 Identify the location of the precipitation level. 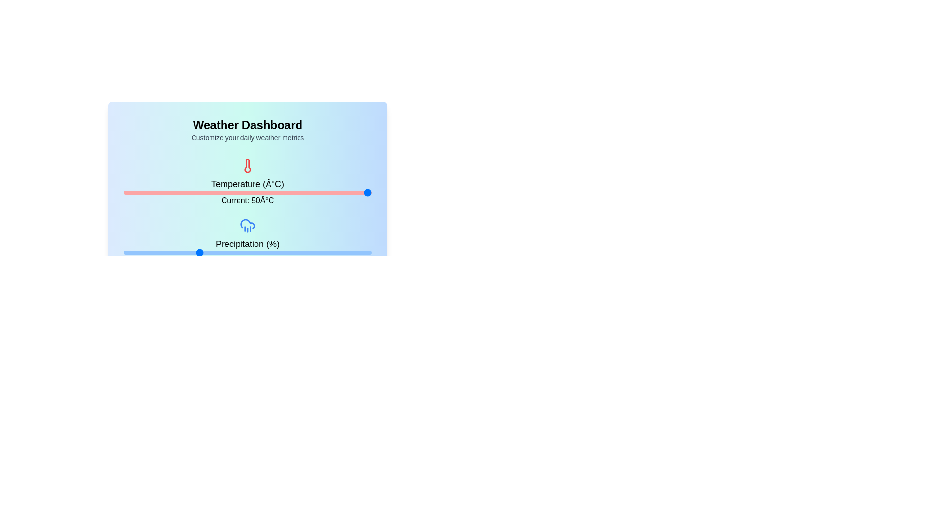
(289, 252).